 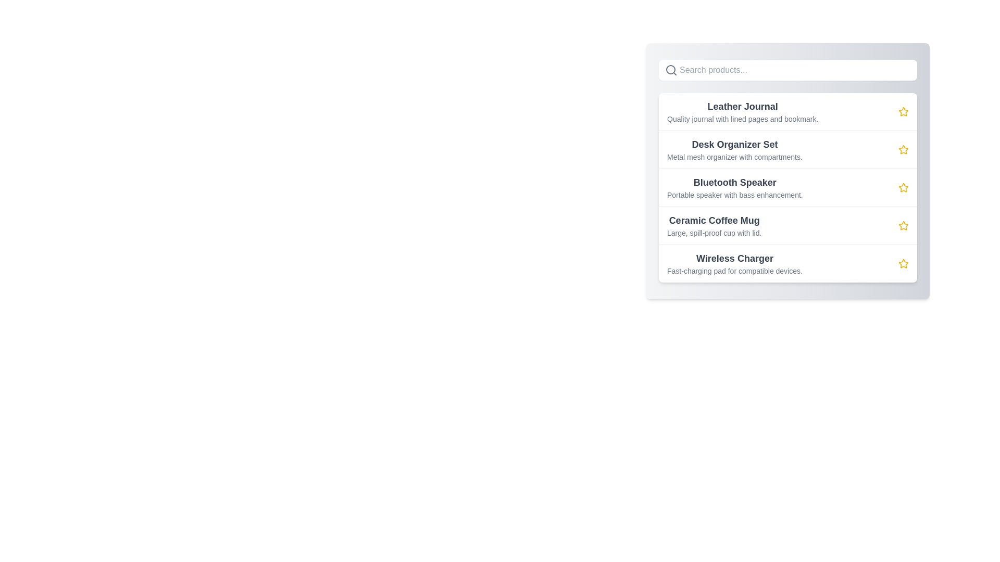 What do you see at coordinates (742, 106) in the screenshot?
I see `the title label of the first product entry in the right panel, which is positioned above the descriptive text 'Quality journal with lined pages and bookmark.'` at bounding box center [742, 106].